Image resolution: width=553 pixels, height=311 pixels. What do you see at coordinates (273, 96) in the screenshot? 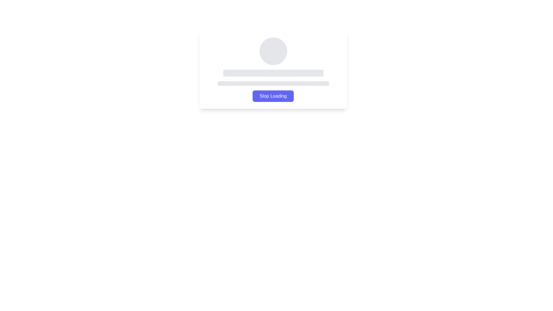
I see `the 'Stop Loading' button, which is a rectangular button with soft rounded corners and vibrant indigo blue color` at bounding box center [273, 96].